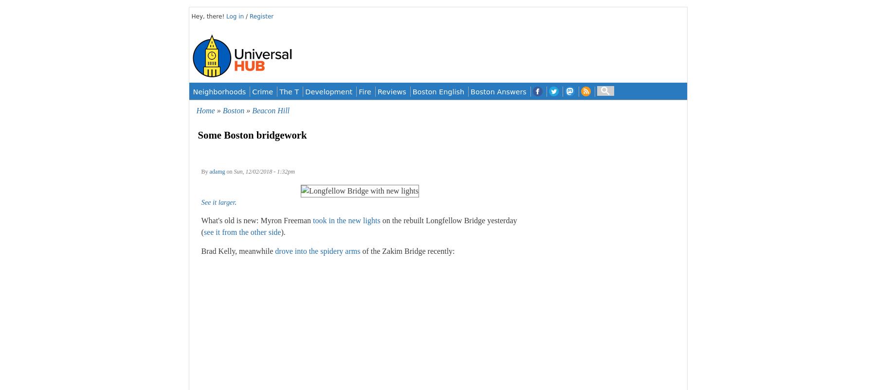 Image resolution: width=876 pixels, height=390 pixels. Describe the element at coordinates (235, 202) in the screenshot. I see `'.'` at that location.